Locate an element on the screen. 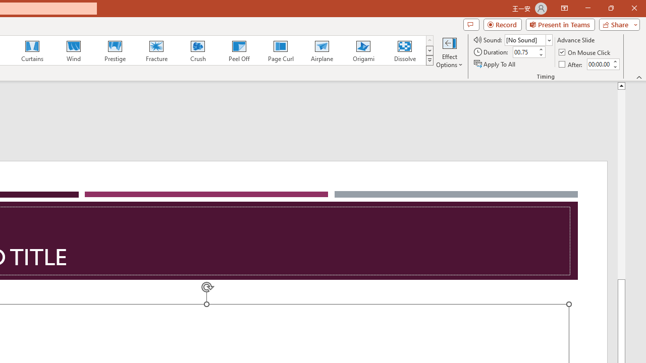 The height and width of the screenshot is (363, 646). 'Effect Options' is located at coordinates (449, 52).